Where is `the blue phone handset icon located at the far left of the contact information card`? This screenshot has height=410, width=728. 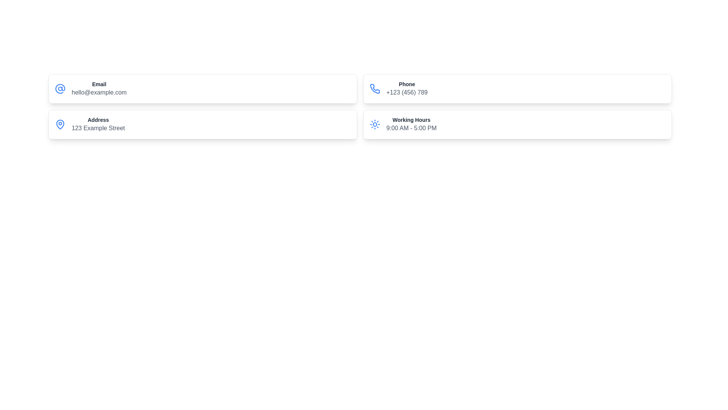 the blue phone handset icon located at the far left of the contact information card is located at coordinates (375, 88).